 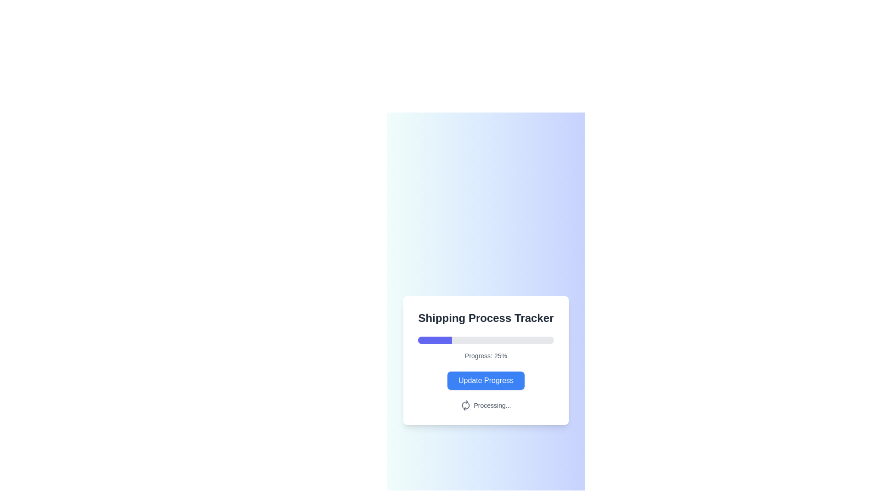 I want to click on the horizontal progress bar styled with rounded ends, gray background, and purple fill, located below the 'Shipping Process Tracker' title and above the text 'Progress: 25%', so click(x=485, y=340).